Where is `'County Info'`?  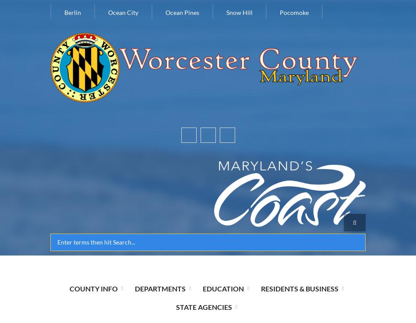
'County Info' is located at coordinates (93, 288).